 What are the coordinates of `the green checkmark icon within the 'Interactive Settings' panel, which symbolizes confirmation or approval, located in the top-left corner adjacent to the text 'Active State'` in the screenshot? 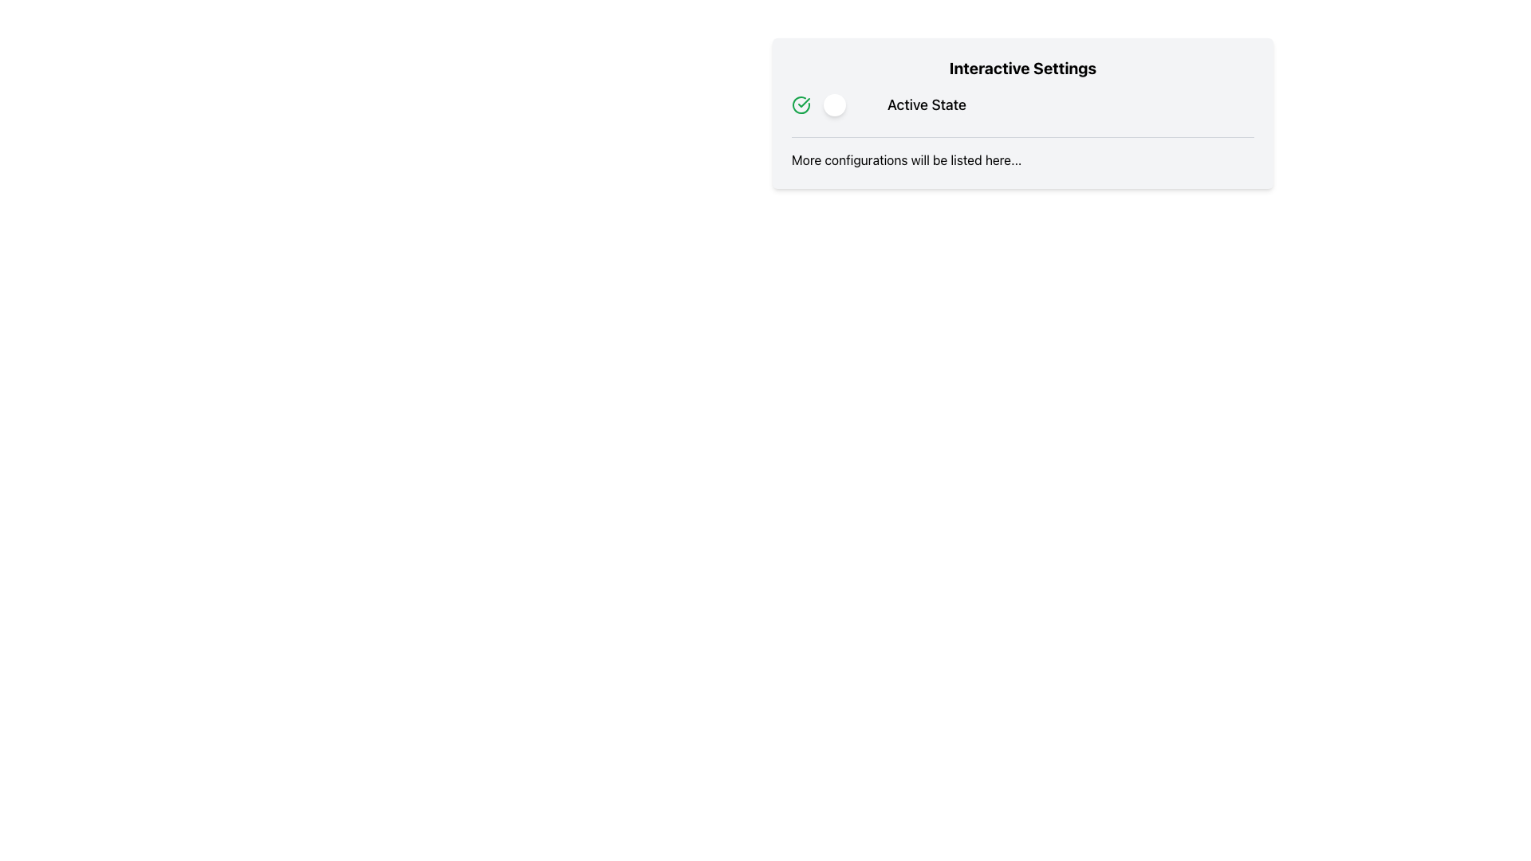 It's located at (804, 102).